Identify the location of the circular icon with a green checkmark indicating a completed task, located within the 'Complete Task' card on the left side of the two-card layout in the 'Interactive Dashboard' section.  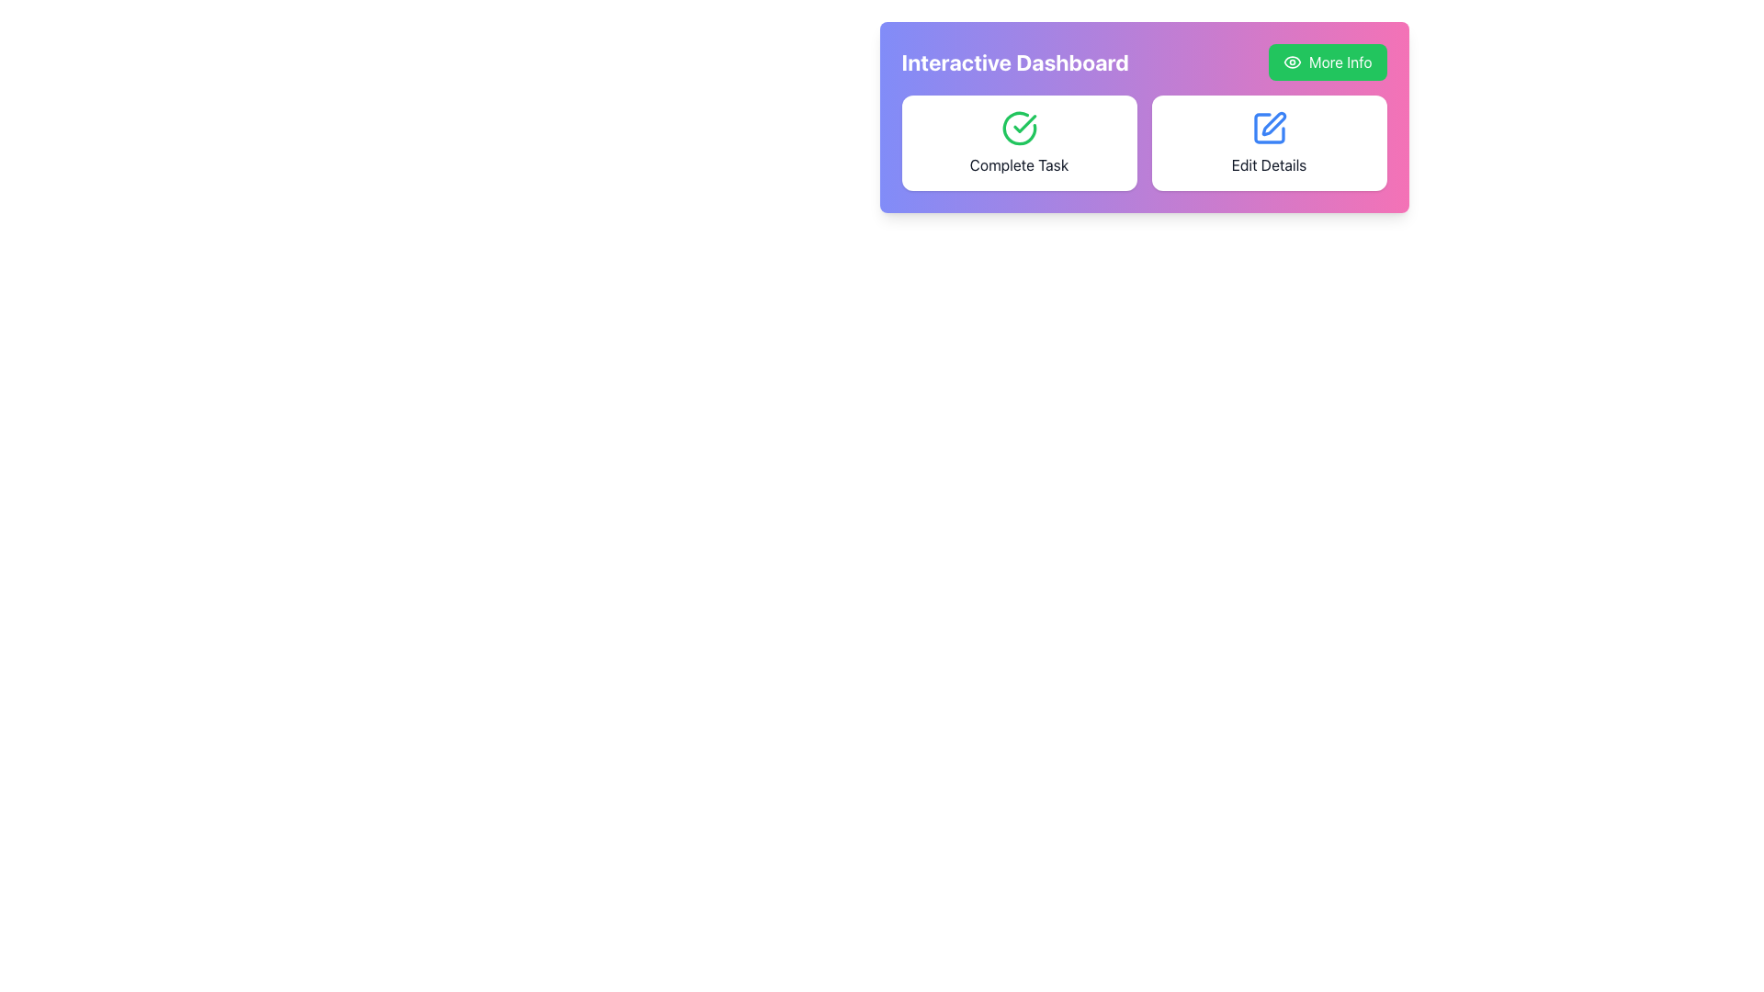
(1018, 127).